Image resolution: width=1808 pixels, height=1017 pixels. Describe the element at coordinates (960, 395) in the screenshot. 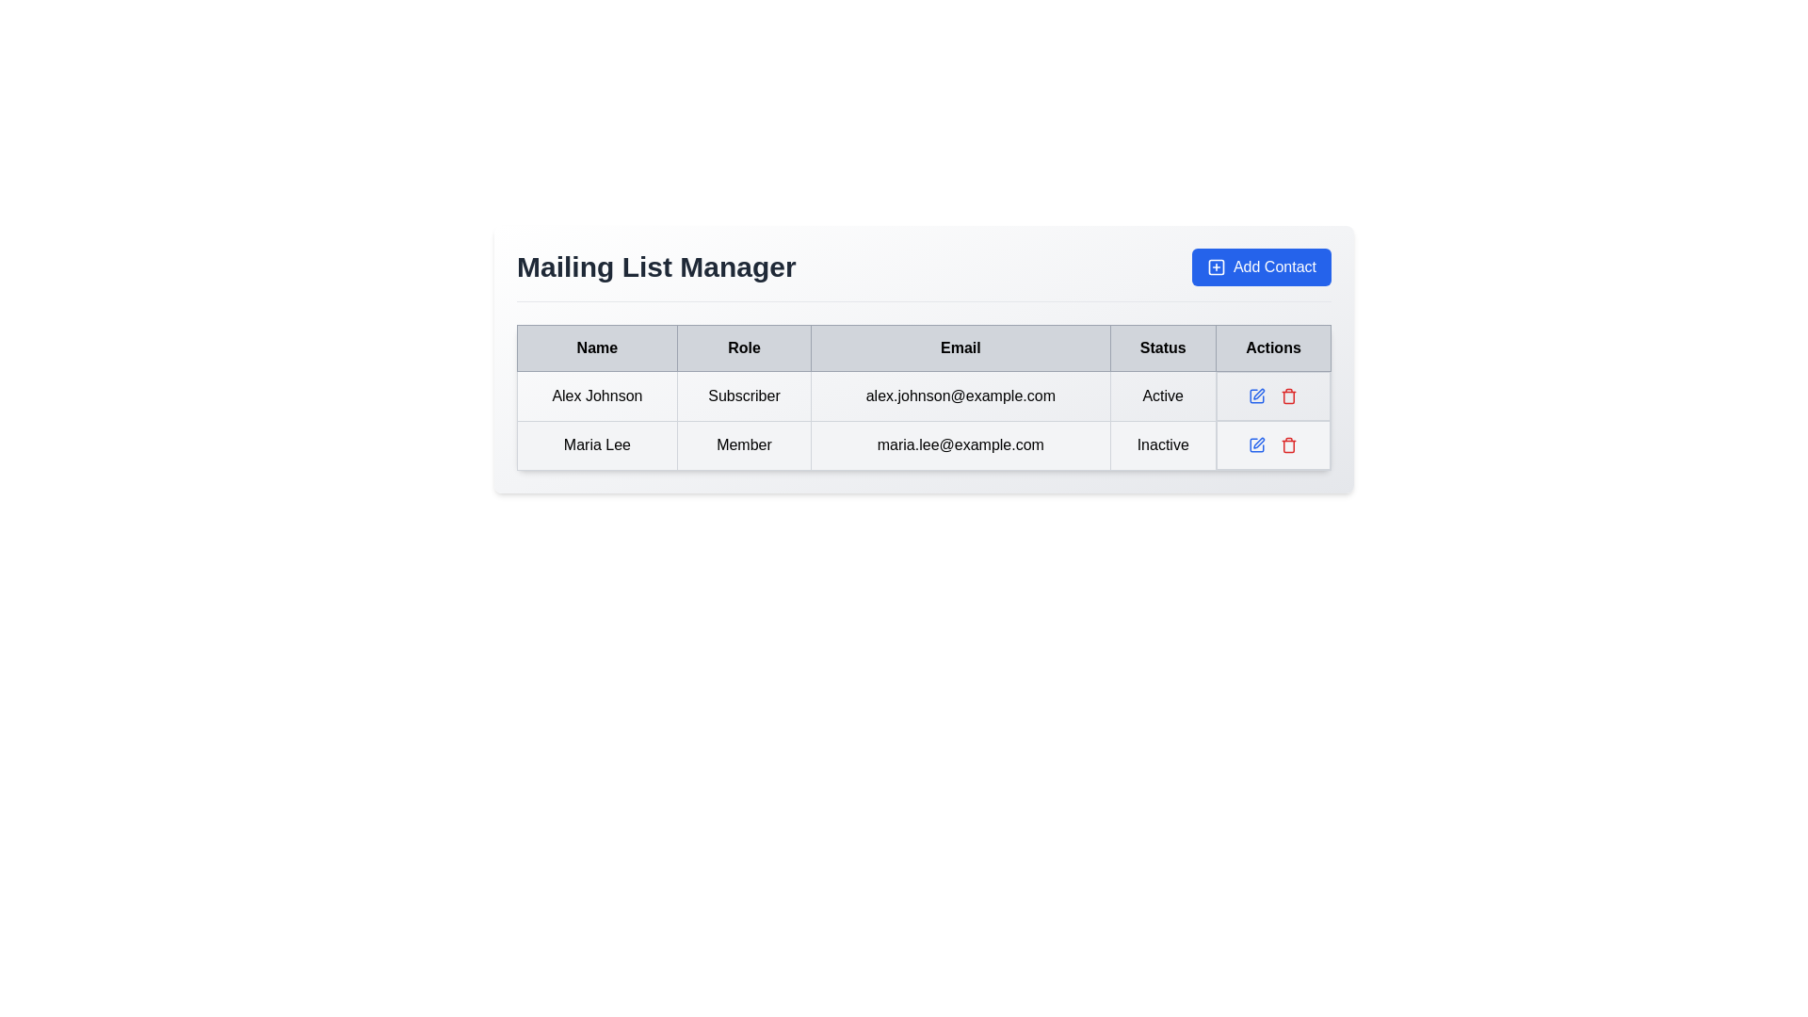

I see `the text display element showing the email address 'alex.johnson@example.com', located in the third column of the first row of the table` at that location.